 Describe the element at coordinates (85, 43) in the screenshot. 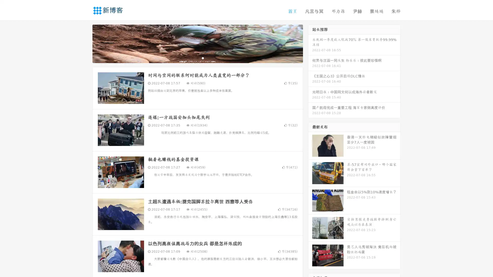

I see `Previous slide` at that location.